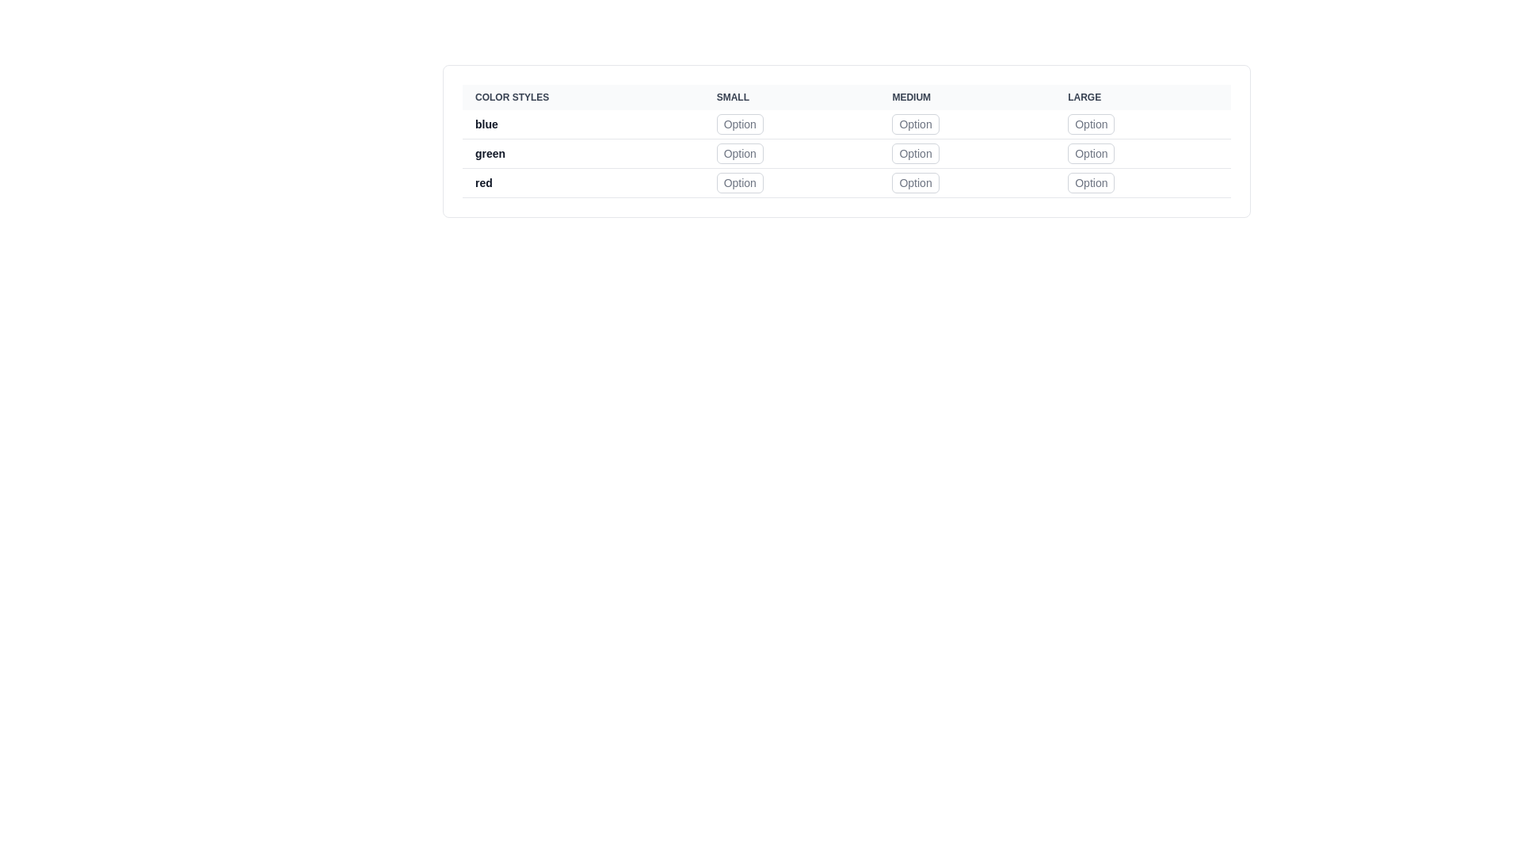 The image size is (1521, 856). I want to click on the interactive buttons in the row labeled 'red', so click(846, 182).